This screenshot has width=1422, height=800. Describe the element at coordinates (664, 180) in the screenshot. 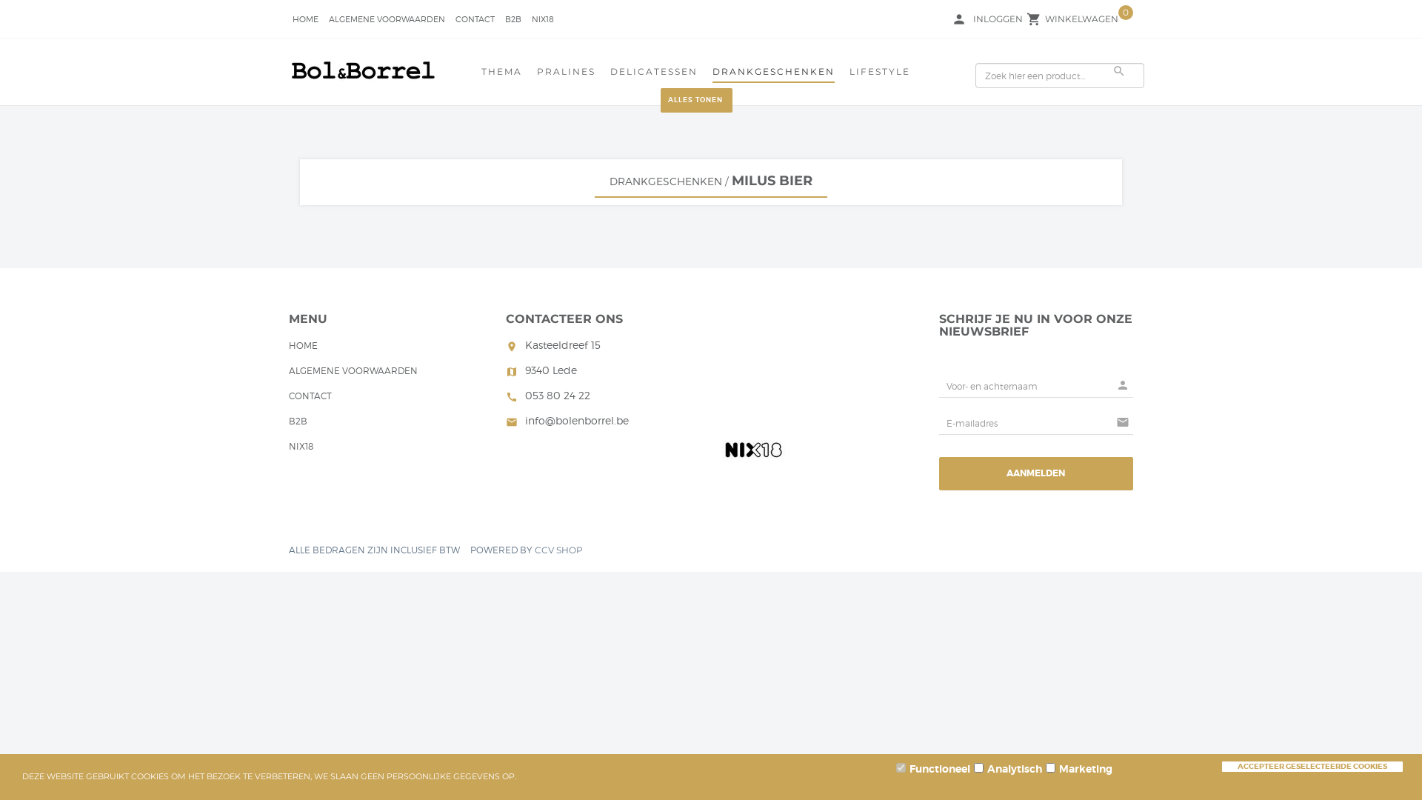

I see `'DRANKGESCHENKEN'` at that location.